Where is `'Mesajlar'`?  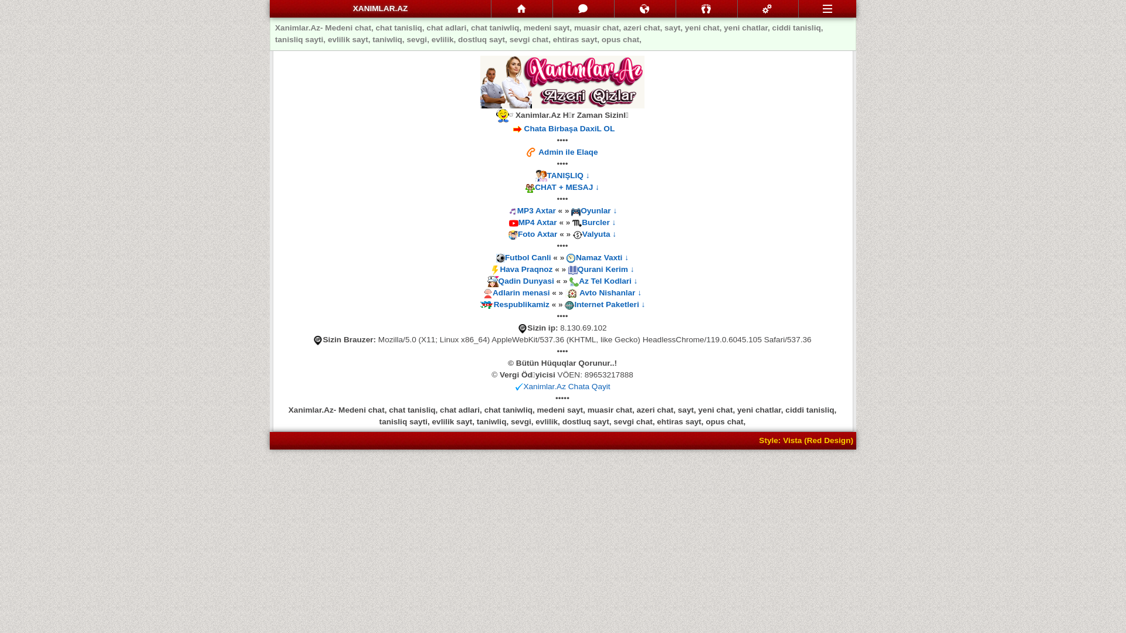
'Mesajlar' is located at coordinates (552, 9).